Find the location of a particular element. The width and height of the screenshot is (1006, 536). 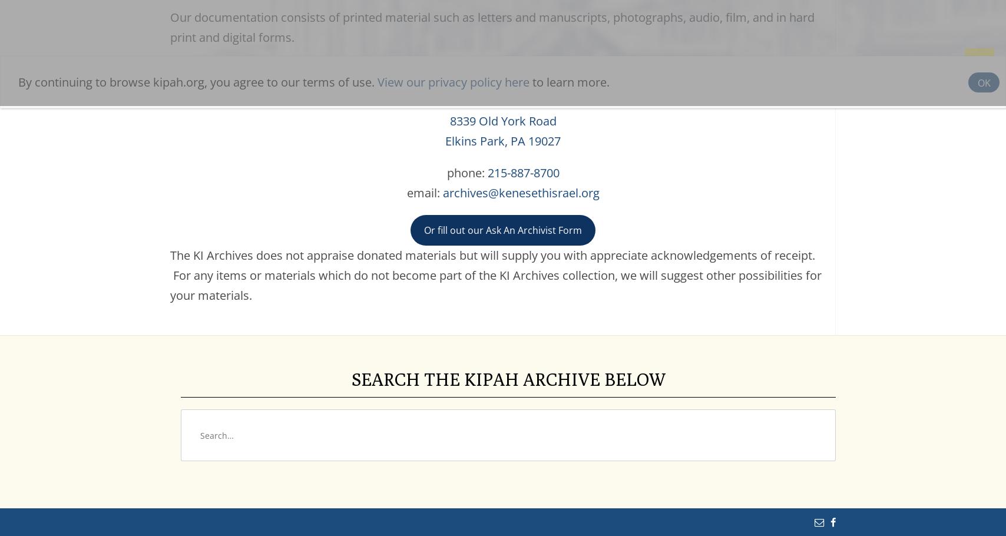

'email:' is located at coordinates (424, 192).